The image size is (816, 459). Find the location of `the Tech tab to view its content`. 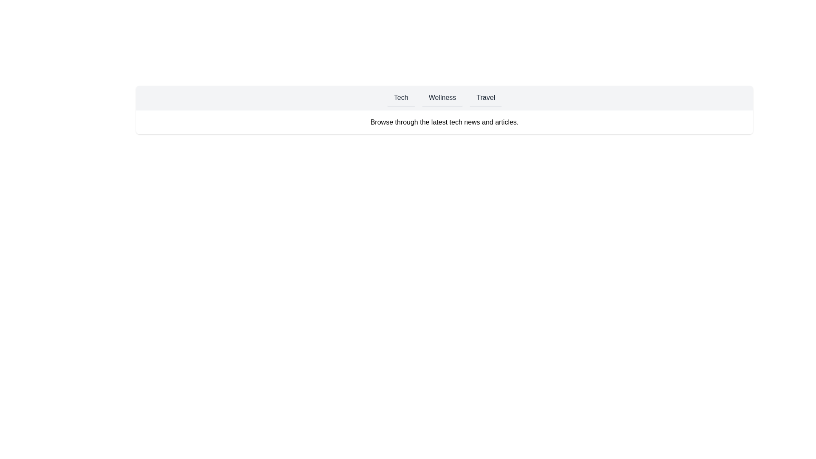

the Tech tab to view its content is located at coordinates (400, 98).